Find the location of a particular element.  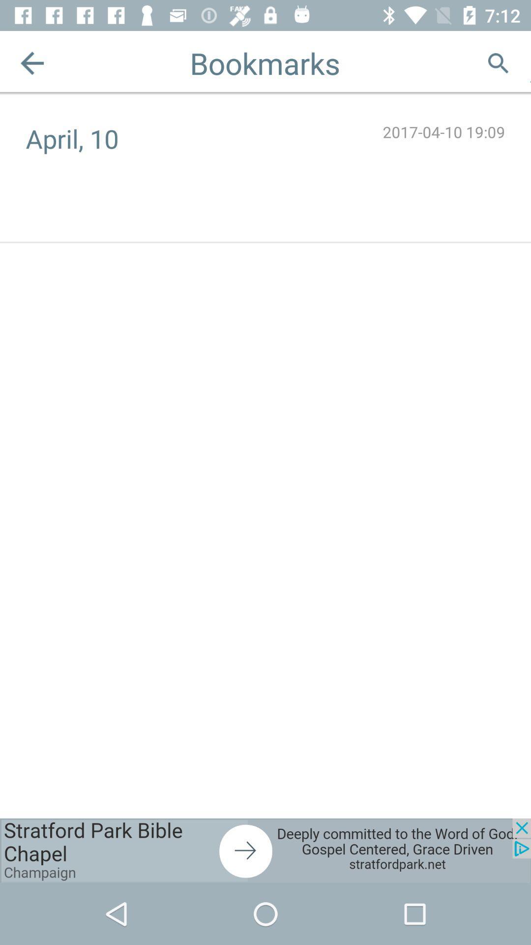

go back is located at coordinates (31, 63).